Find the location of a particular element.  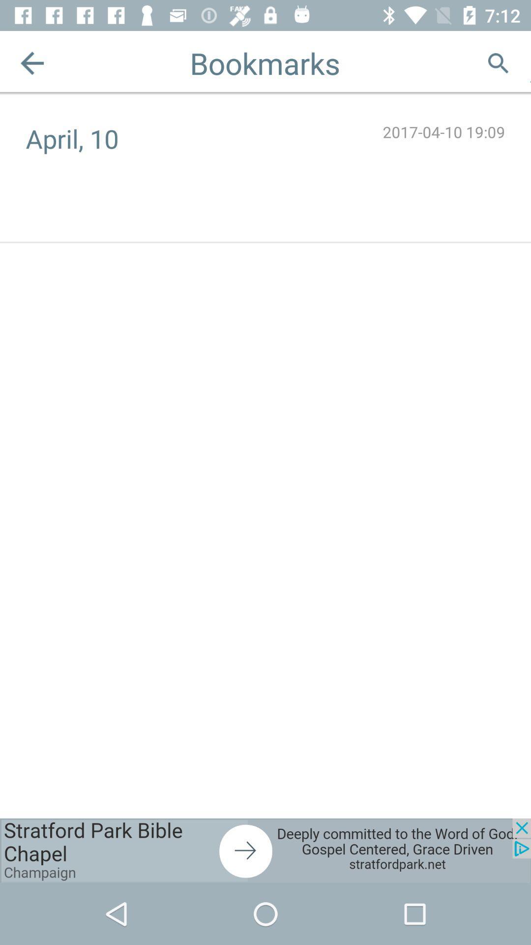

go back is located at coordinates (31, 63).